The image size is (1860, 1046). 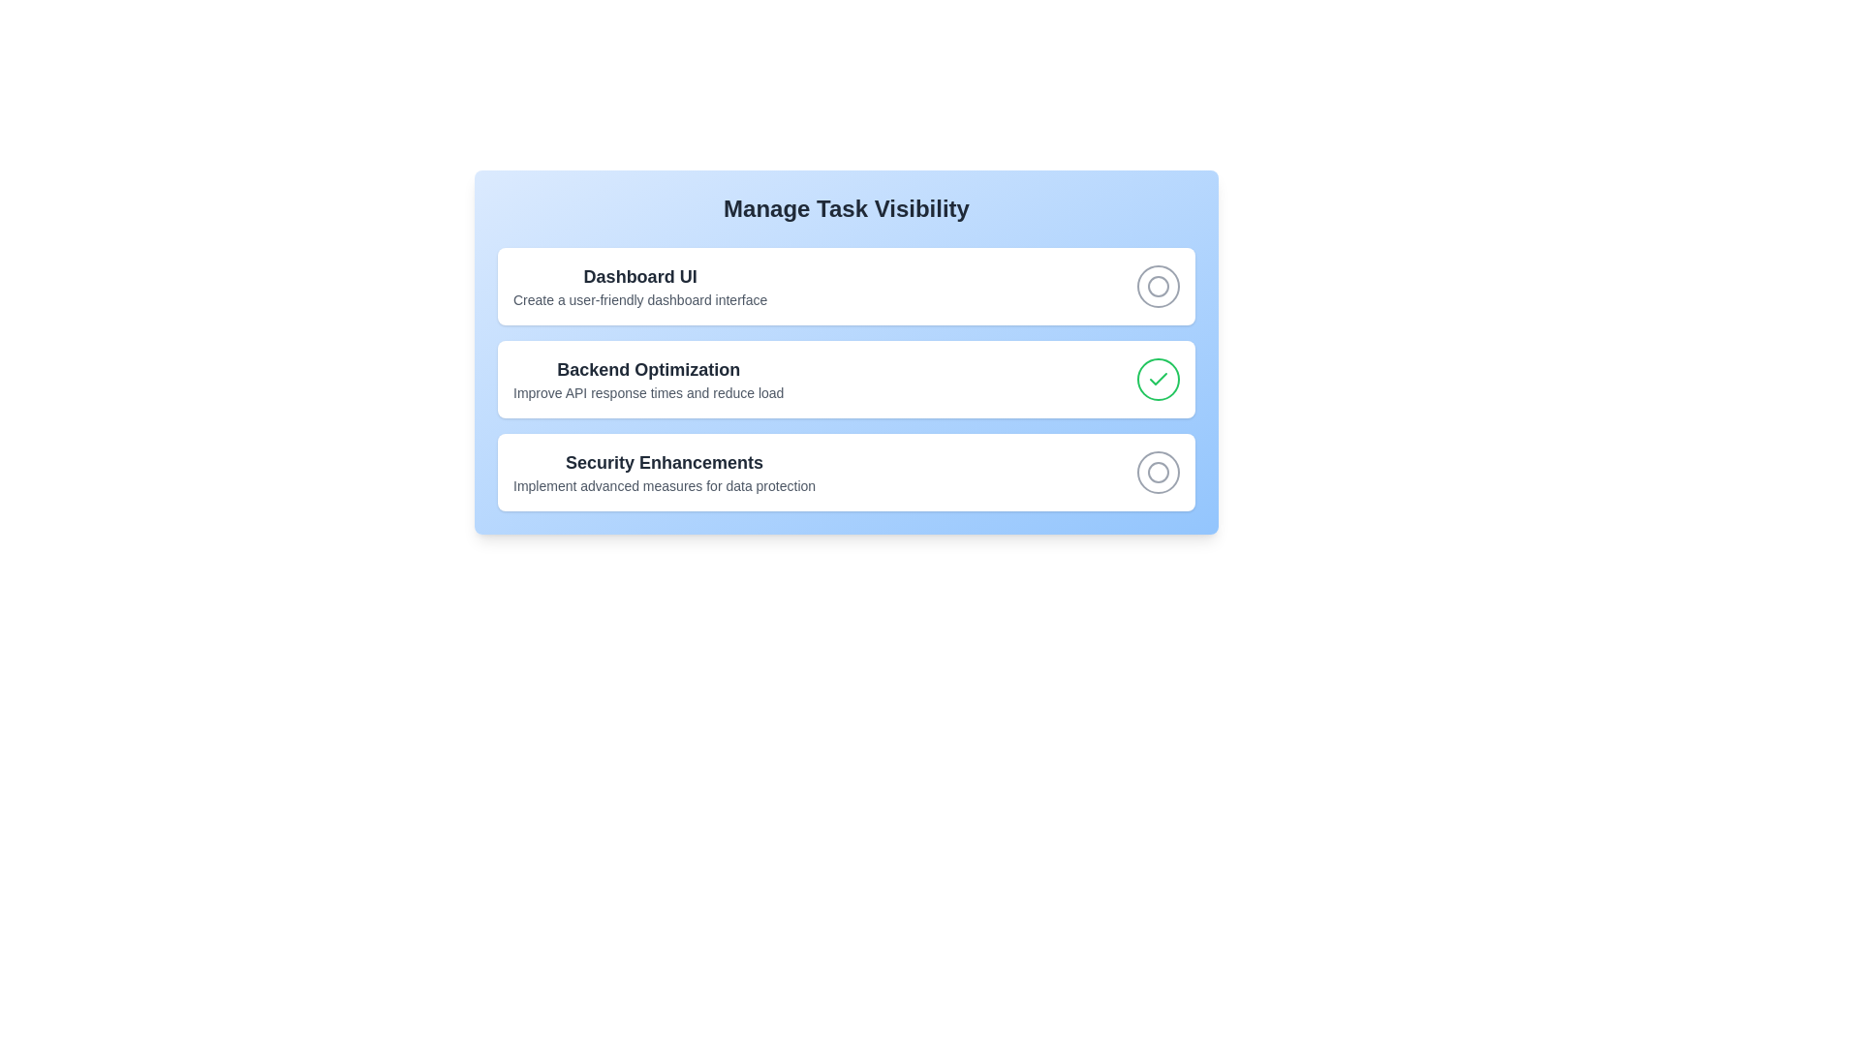 I want to click on the text label 'Backend Optimization' which is styled with a bold, large font in dark gray, located in the middle of the card section labeled 'Manage Task Visibility', so click(x=648, y=369).